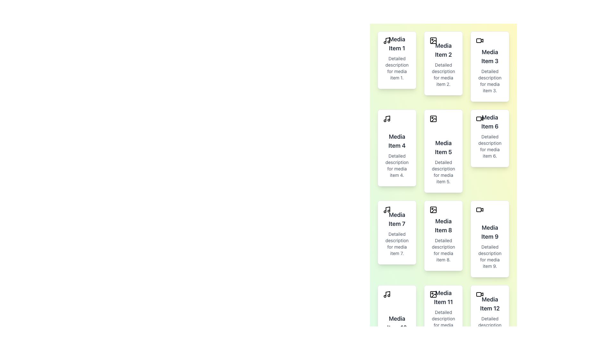  I want to click on the text block containing 'Detailed description for media item 1.' which is styled with a small font size and medium-gray color, positioned directly below the heading 'Media Item 1', so click(397, 68).